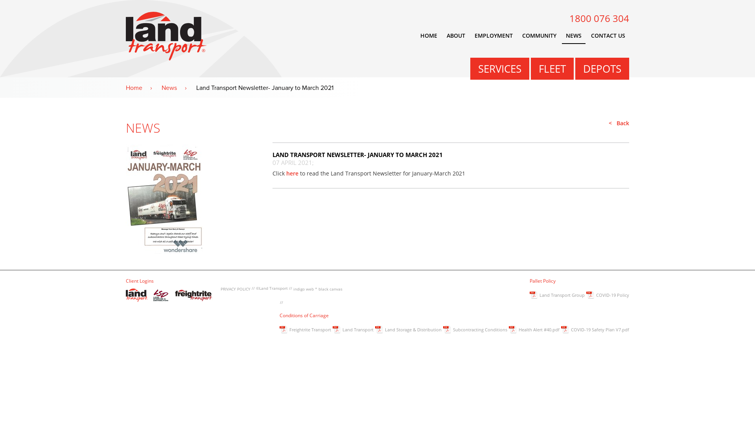 The height and width of the screenshot is (424, 755). Describe the element at coordinates (428, 36) in the screenshot. I see `'HOME'` at that location.